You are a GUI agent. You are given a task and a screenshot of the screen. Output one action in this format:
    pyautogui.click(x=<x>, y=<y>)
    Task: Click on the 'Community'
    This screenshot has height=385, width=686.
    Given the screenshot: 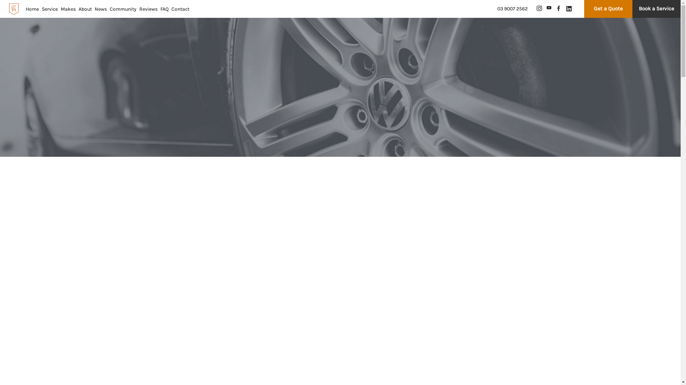 What is the action you would take?
    pyautogui.click(x=109, y=9)
    